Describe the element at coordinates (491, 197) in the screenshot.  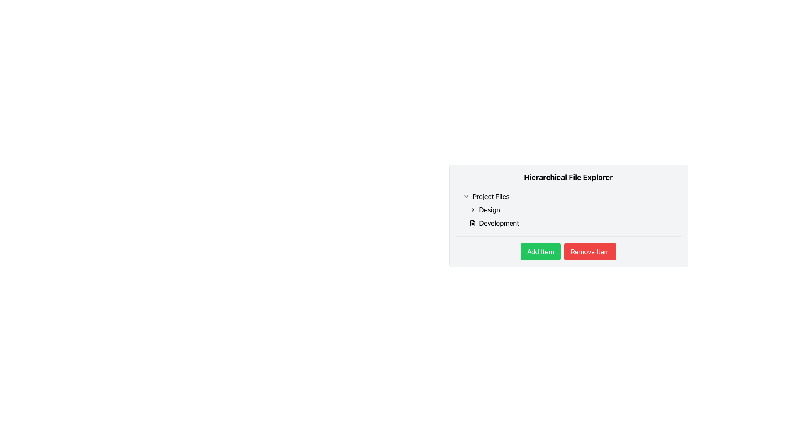
I see `the dropdown icon associated with the 'Project Files' text label in the Hierarchical File Explorer` at that location.